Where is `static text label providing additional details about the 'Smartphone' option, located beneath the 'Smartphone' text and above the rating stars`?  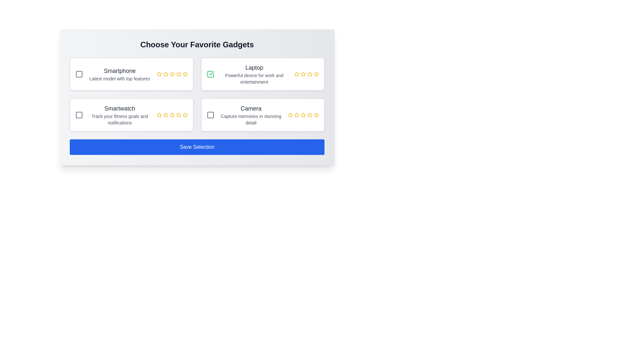
static text label providing additional details about the 'Smartphone' option, located beneath the 'Smartphone' text and above the rating stars is located at coordinates (120, 78).